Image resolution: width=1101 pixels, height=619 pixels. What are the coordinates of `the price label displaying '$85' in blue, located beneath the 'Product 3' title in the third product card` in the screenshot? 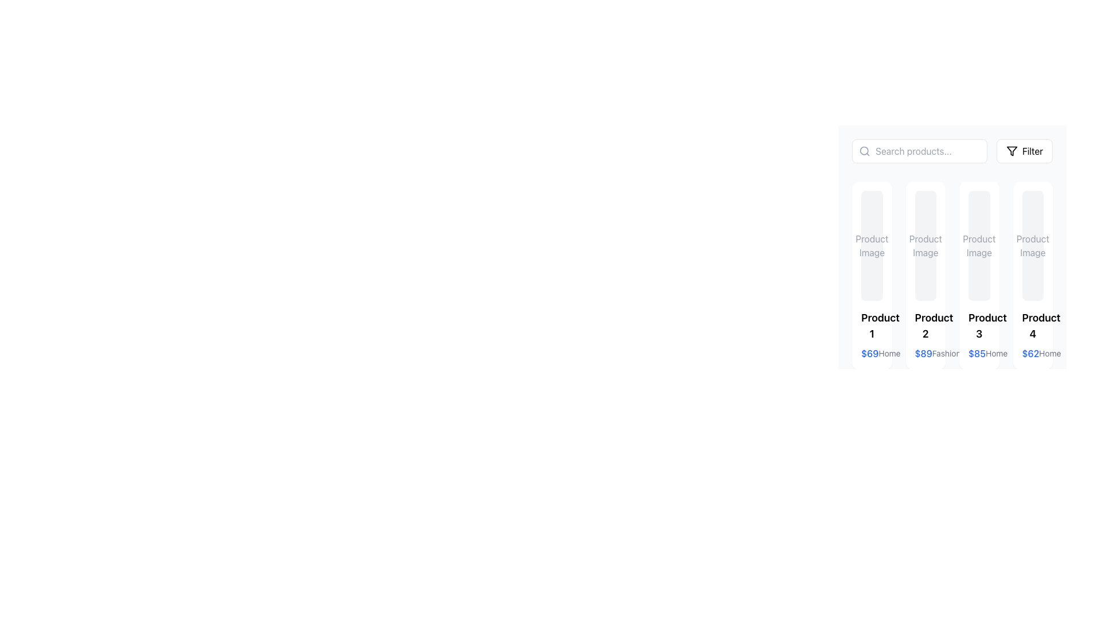 It's located at (977, 353).